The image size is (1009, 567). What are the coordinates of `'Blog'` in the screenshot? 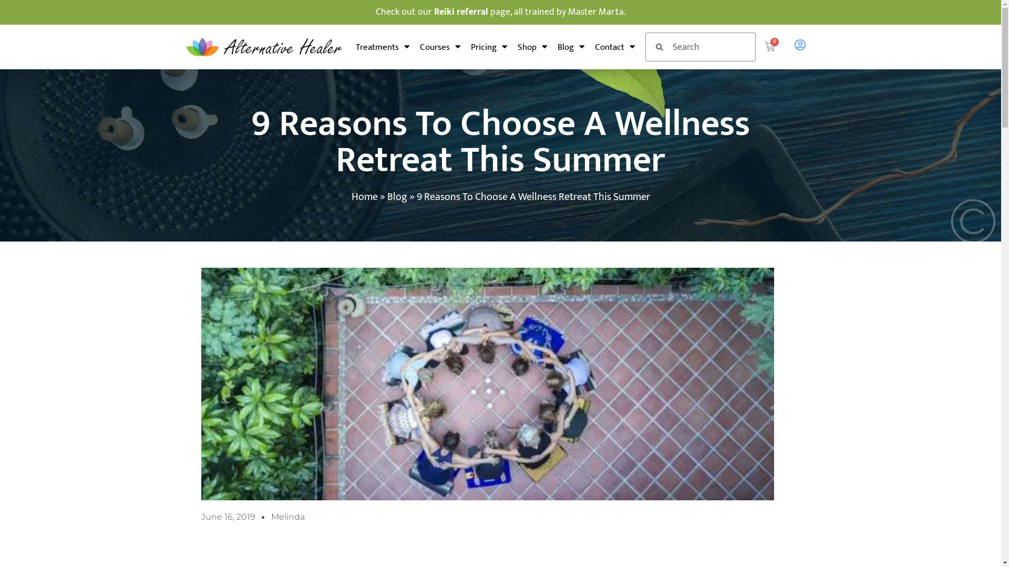 It's located at (396, 196).